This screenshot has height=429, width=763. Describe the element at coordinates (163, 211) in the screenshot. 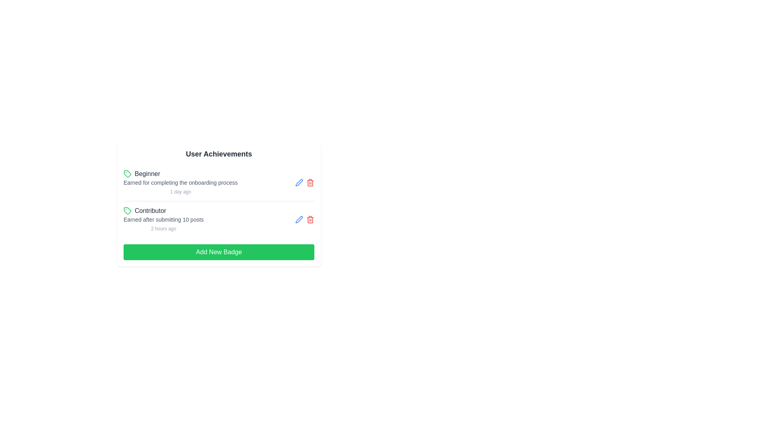

I see `the 'Contributor' badge label, which is the second badge in the list of achievements` at that location.